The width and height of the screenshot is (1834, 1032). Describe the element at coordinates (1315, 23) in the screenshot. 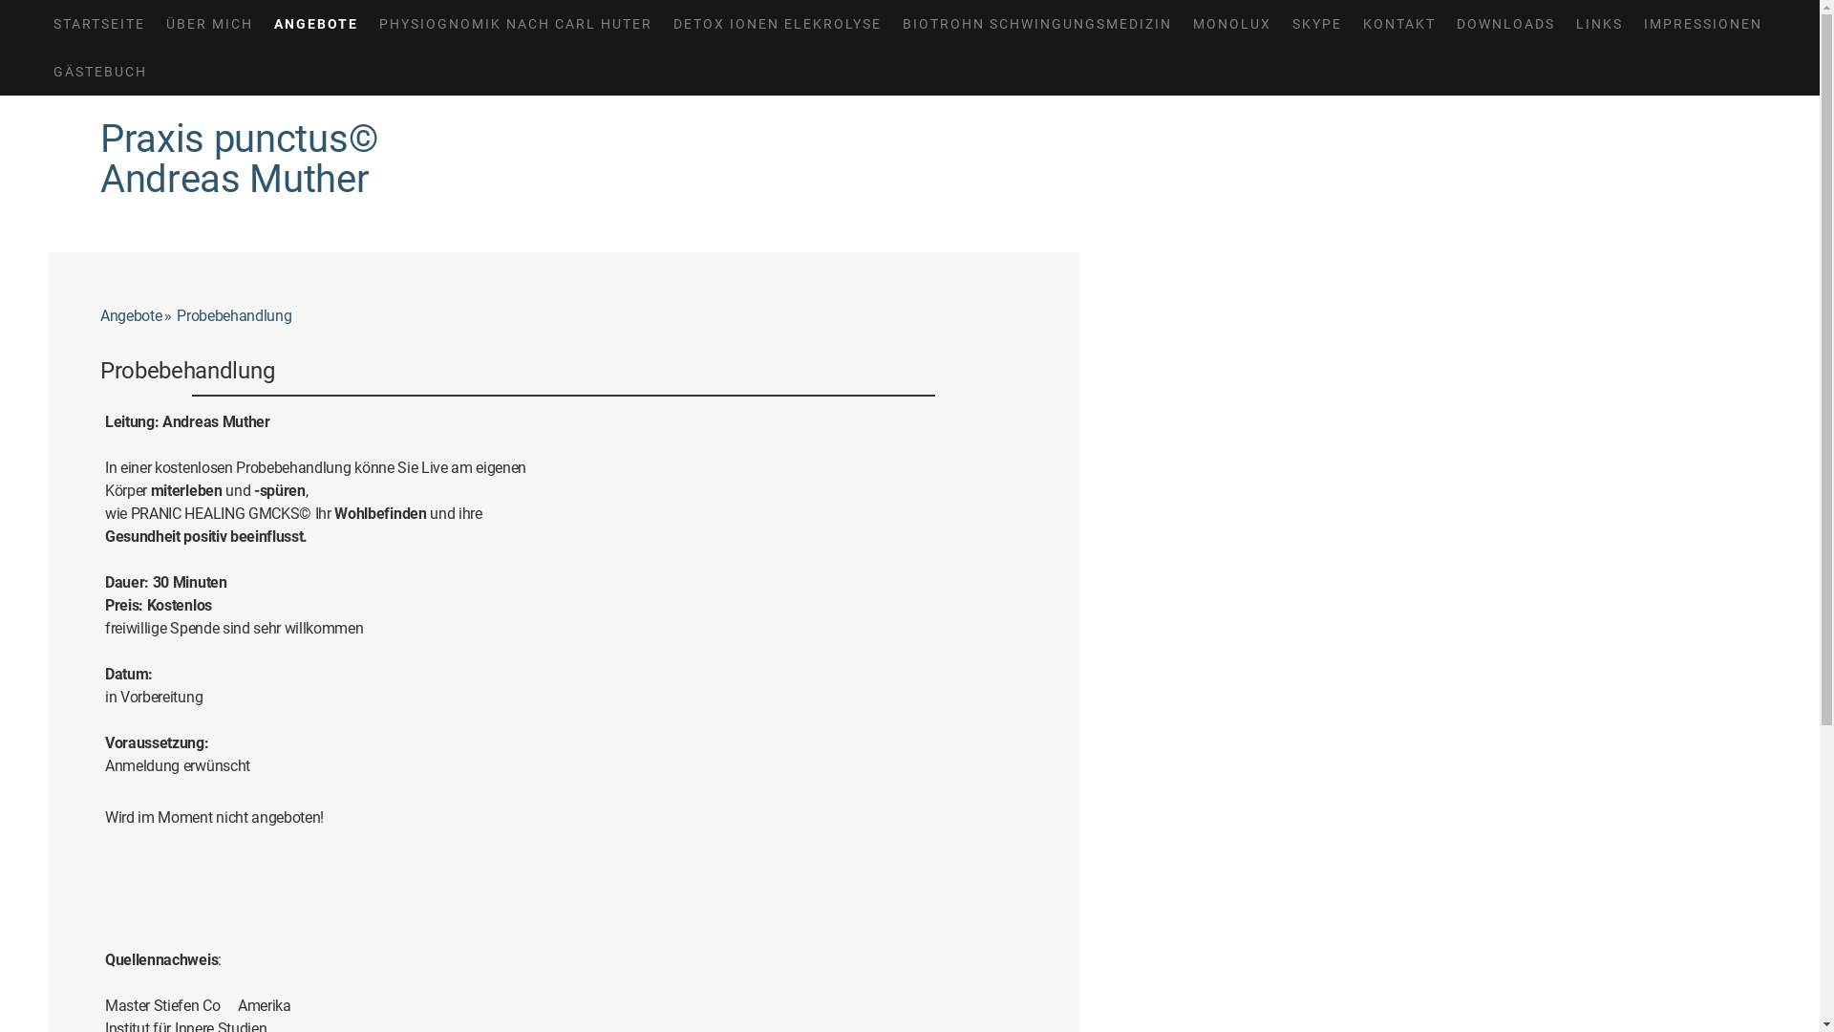

I see `'SKYPE'` at that location.